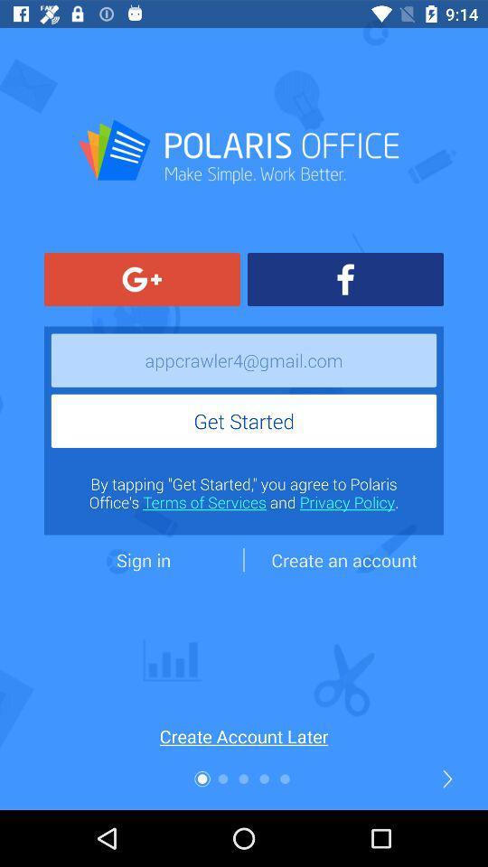 This screenshot has height=867, width=488. What do you see at coordinates (141, 279) in the screenshot?
I see `the compare icon` at bounding box center [141, 279].